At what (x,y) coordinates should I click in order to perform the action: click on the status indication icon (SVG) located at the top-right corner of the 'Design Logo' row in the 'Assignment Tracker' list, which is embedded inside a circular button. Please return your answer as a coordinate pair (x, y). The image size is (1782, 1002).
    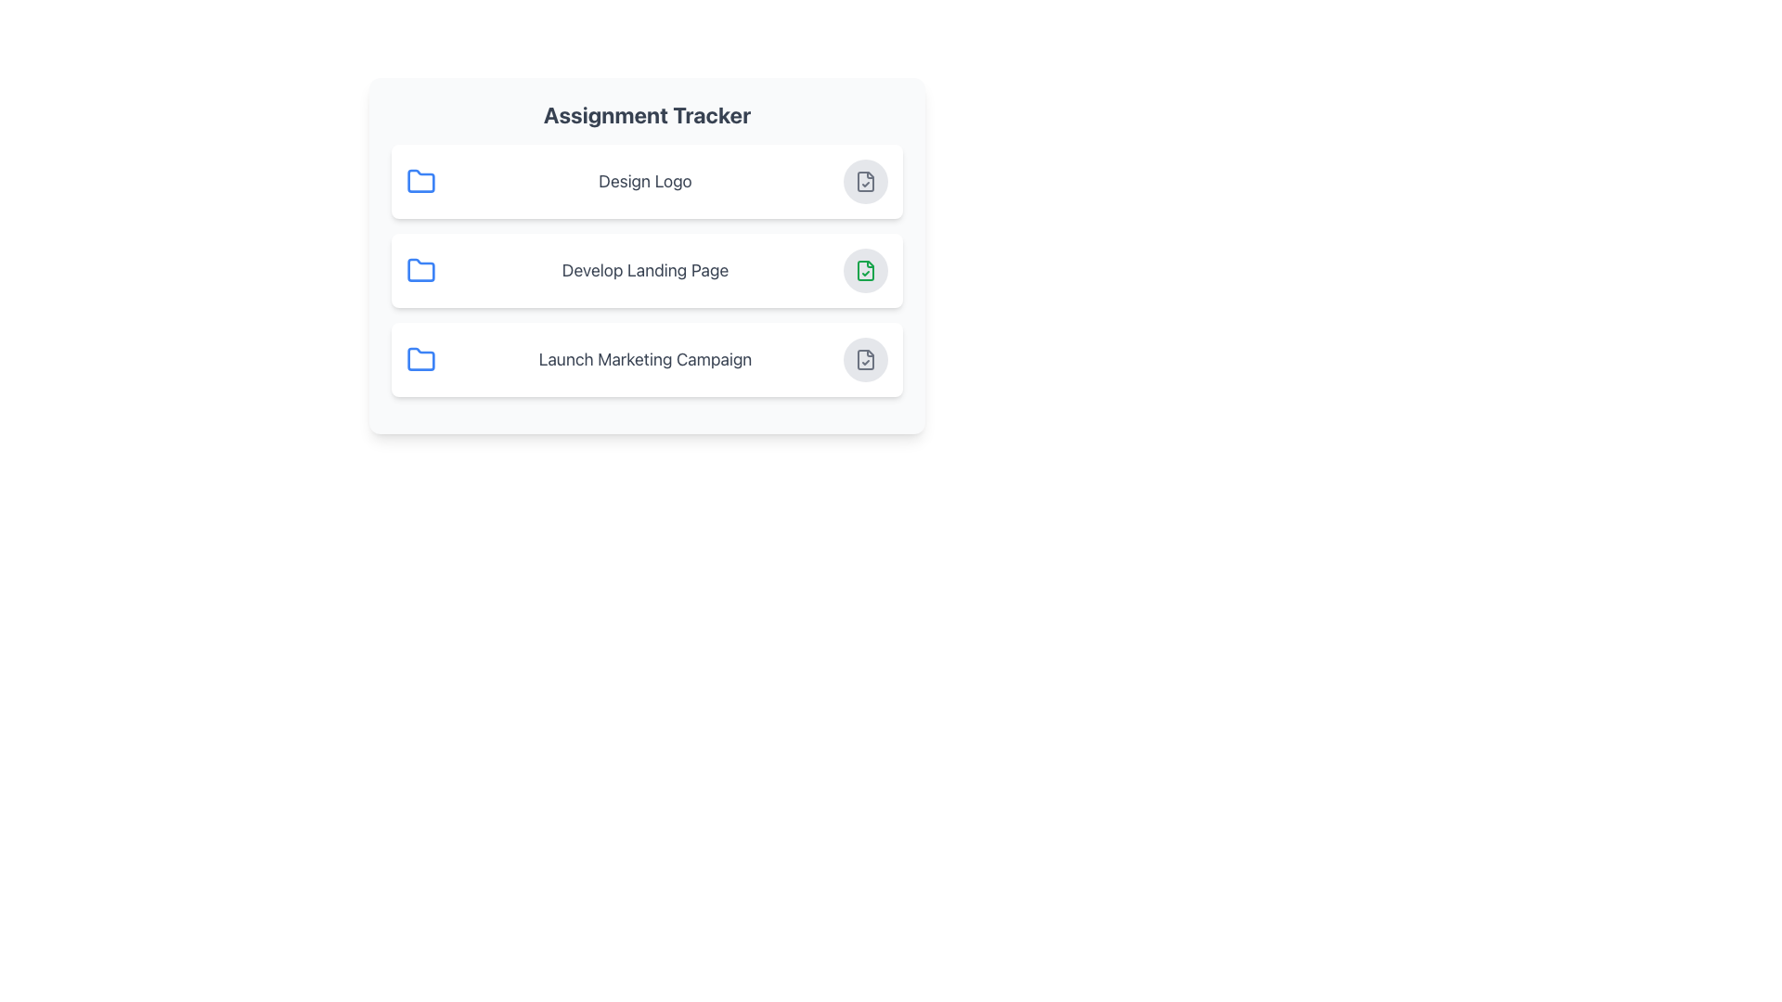
    Looking at the image, I should click on (864, 182).